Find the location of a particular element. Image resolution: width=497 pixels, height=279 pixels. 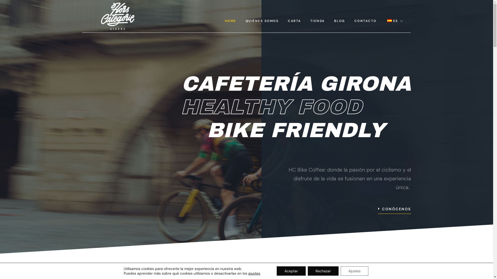

'CARTA' is located at coordinates (294, 21).